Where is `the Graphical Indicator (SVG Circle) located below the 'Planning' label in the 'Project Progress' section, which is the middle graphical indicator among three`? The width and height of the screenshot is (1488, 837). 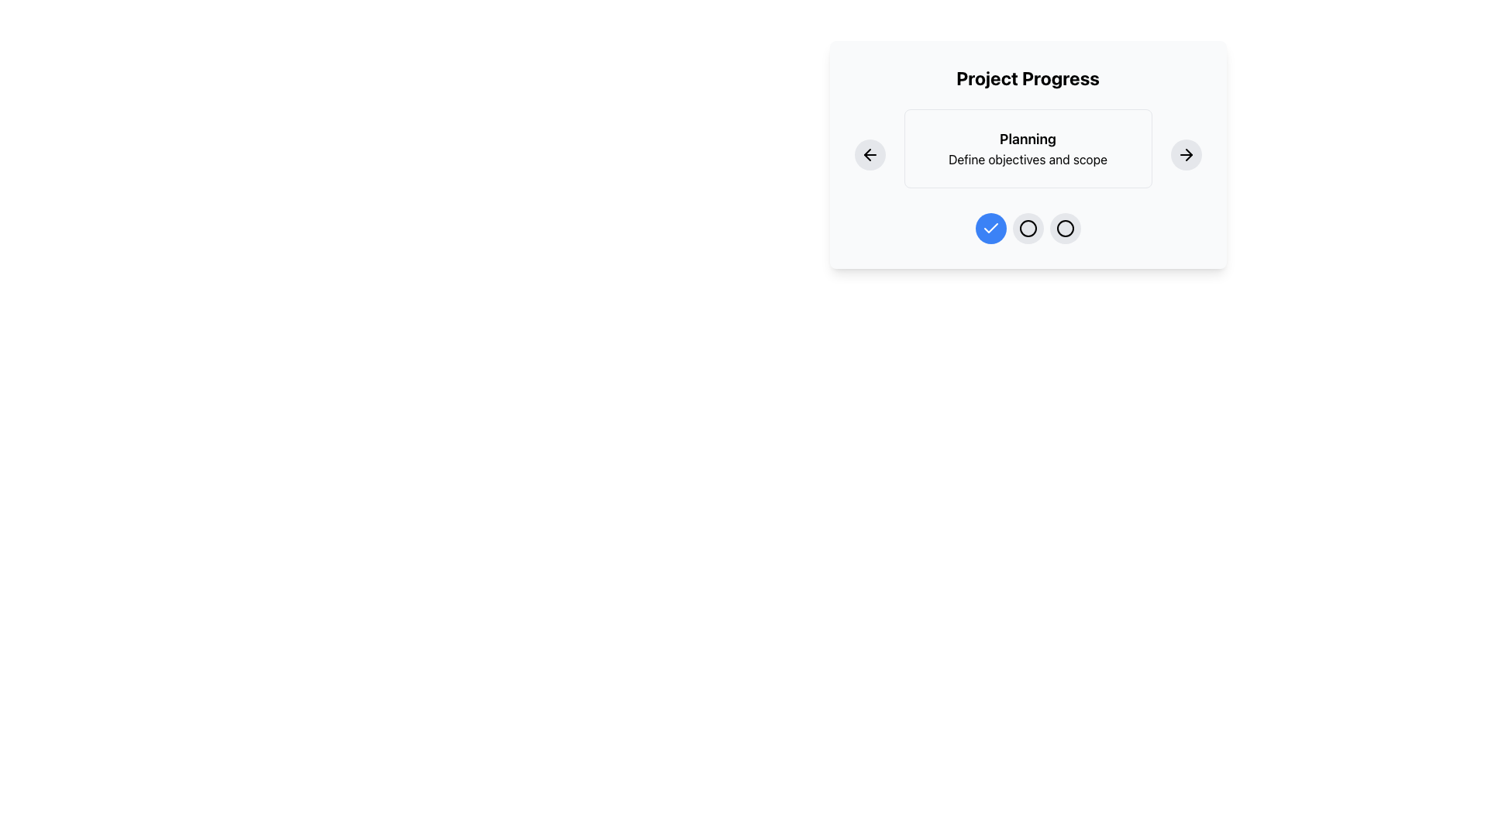
the Graphical Indicator (SVG Circle) located below the 'Planning' label in the 'Project Progress' section, which is the middle graphical indicator among three is located at coordinates (1028, 228).